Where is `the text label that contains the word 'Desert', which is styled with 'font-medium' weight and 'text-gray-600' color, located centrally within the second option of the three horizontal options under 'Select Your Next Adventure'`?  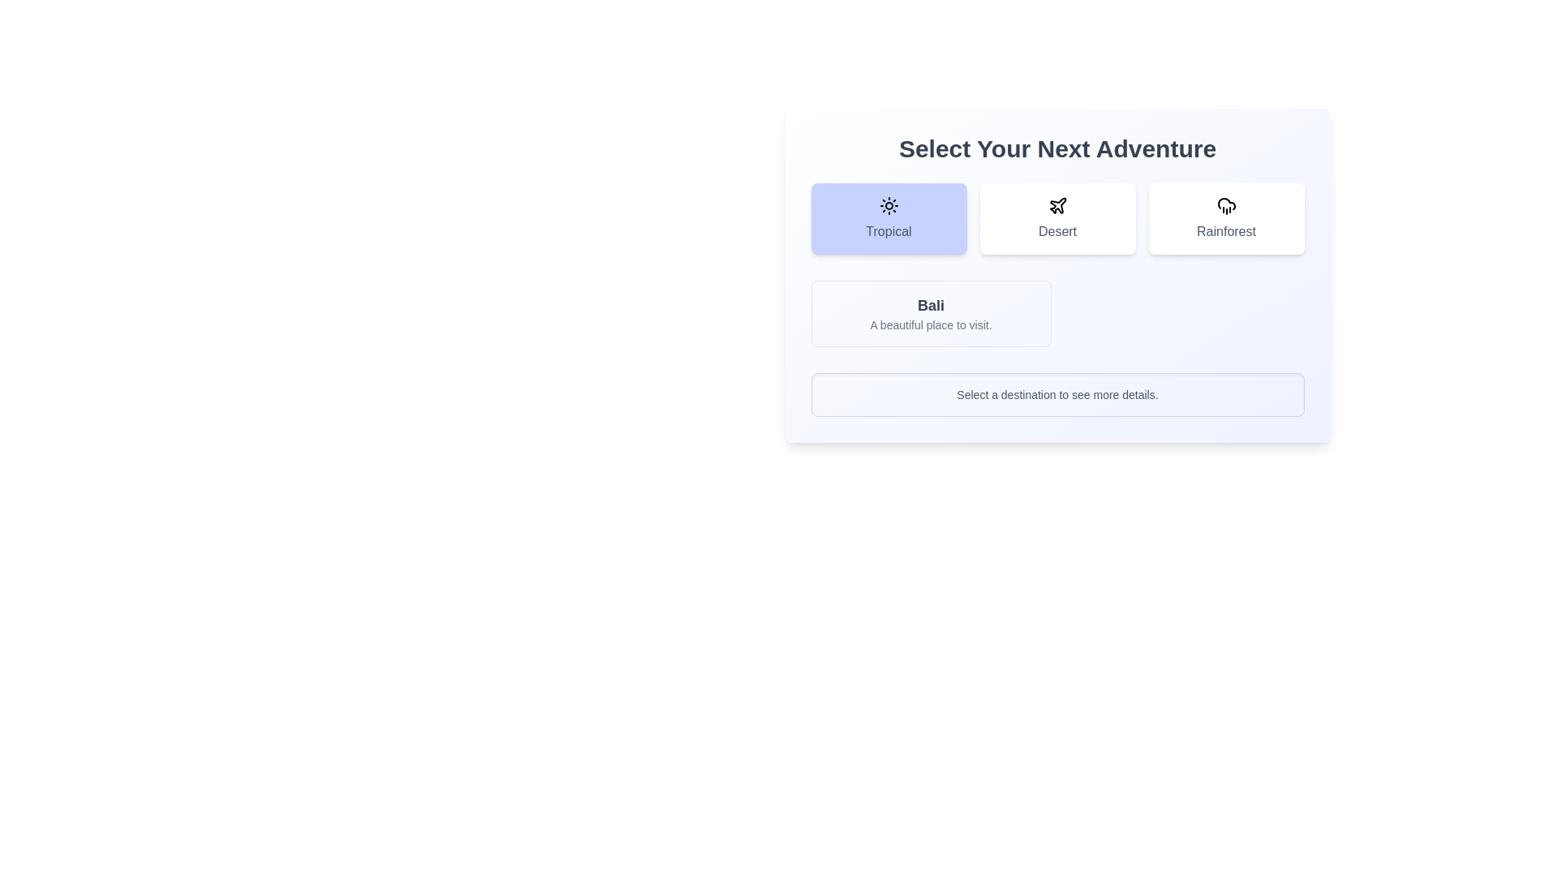 the text label that contains the word 'Desert', which is styled with 'font-medium' weight and 'text-gray-600' color, located centrally within the second option of the three horizontal options under 'Select Your Next Adventure' is located at coordinates (1057, 231).